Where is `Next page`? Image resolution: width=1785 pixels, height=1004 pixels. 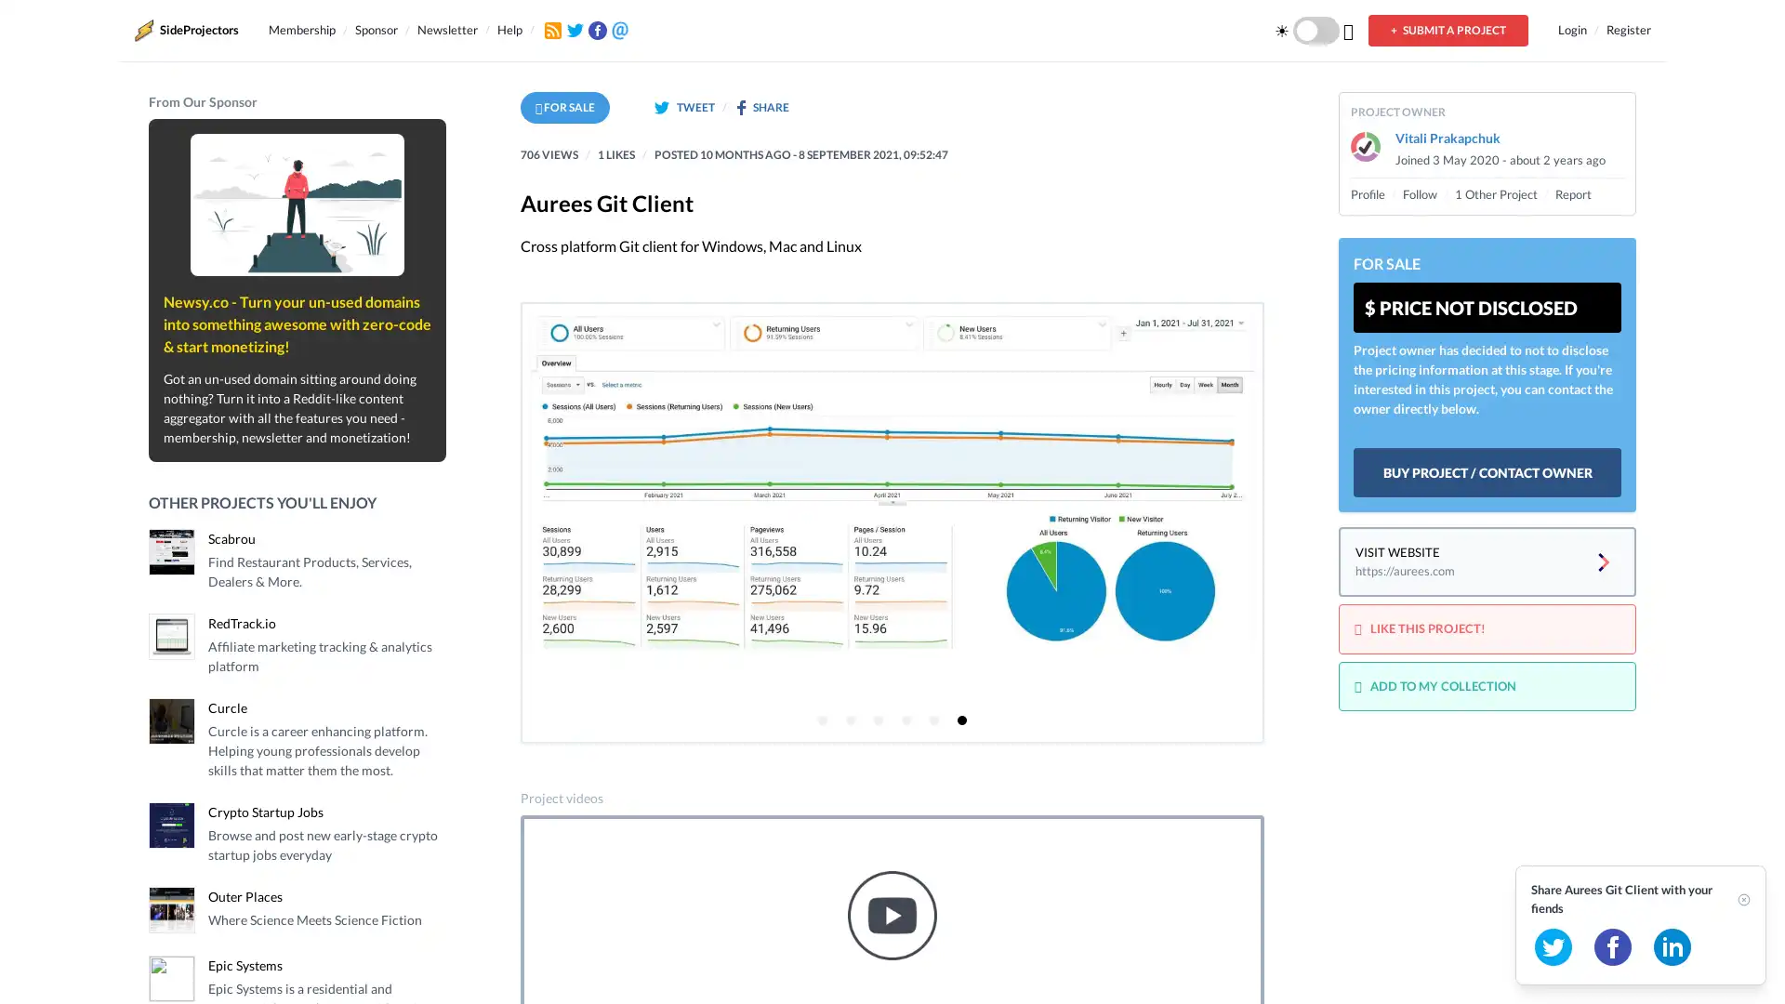 Next page is located at coordinates (1263, 522).